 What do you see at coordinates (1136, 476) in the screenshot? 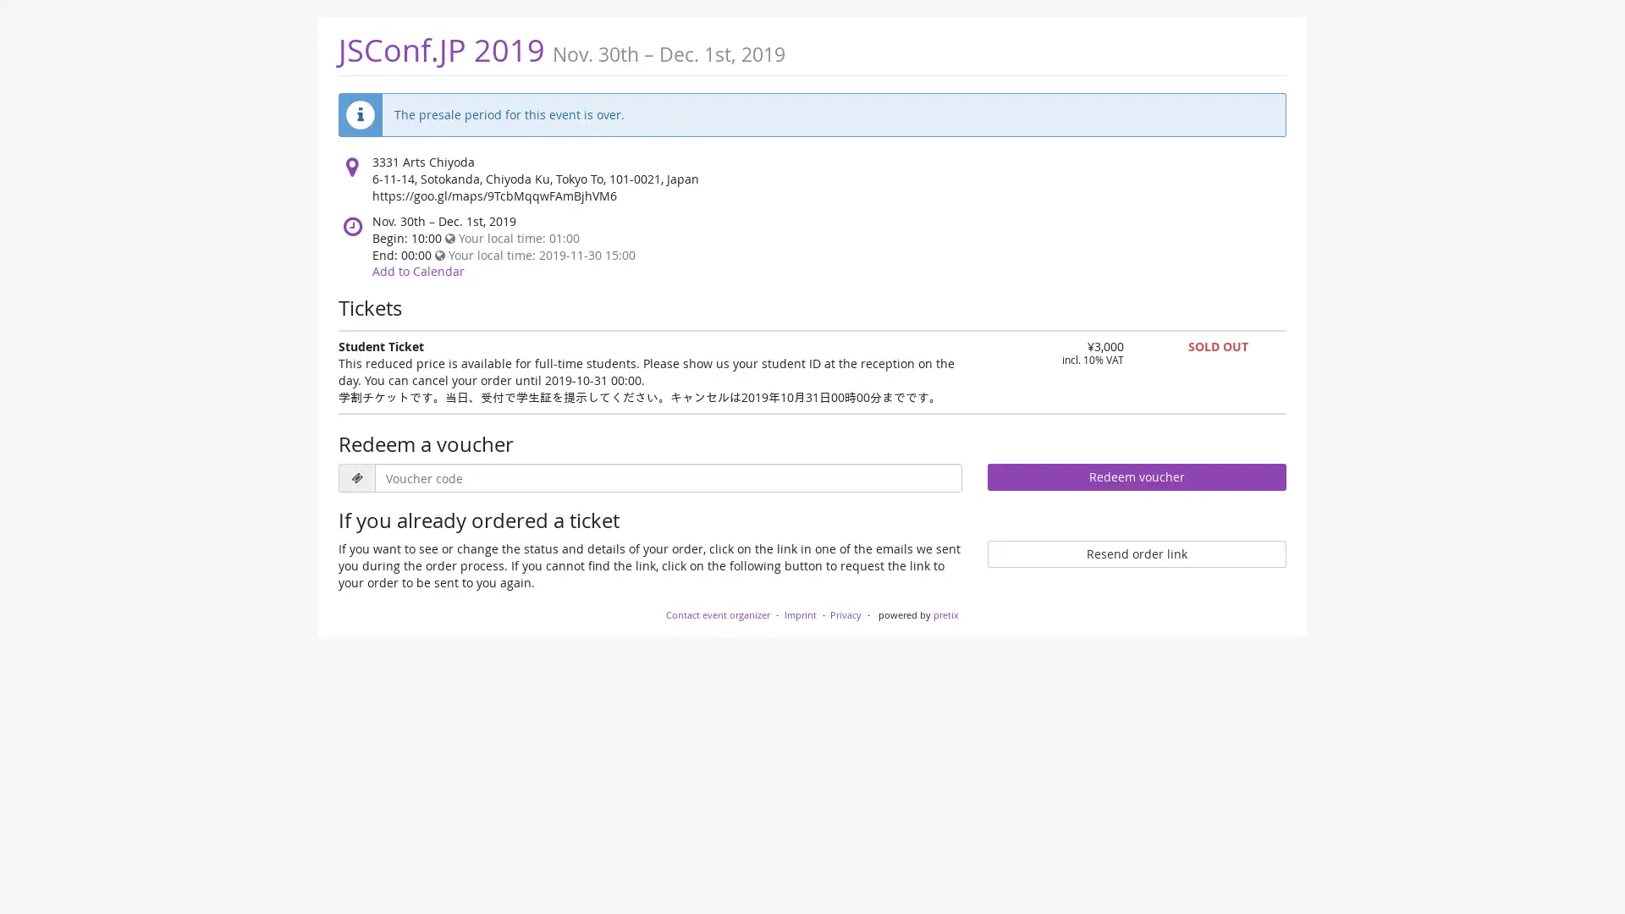
I see `Redeem voucher` at bounding box center [1136, 476].